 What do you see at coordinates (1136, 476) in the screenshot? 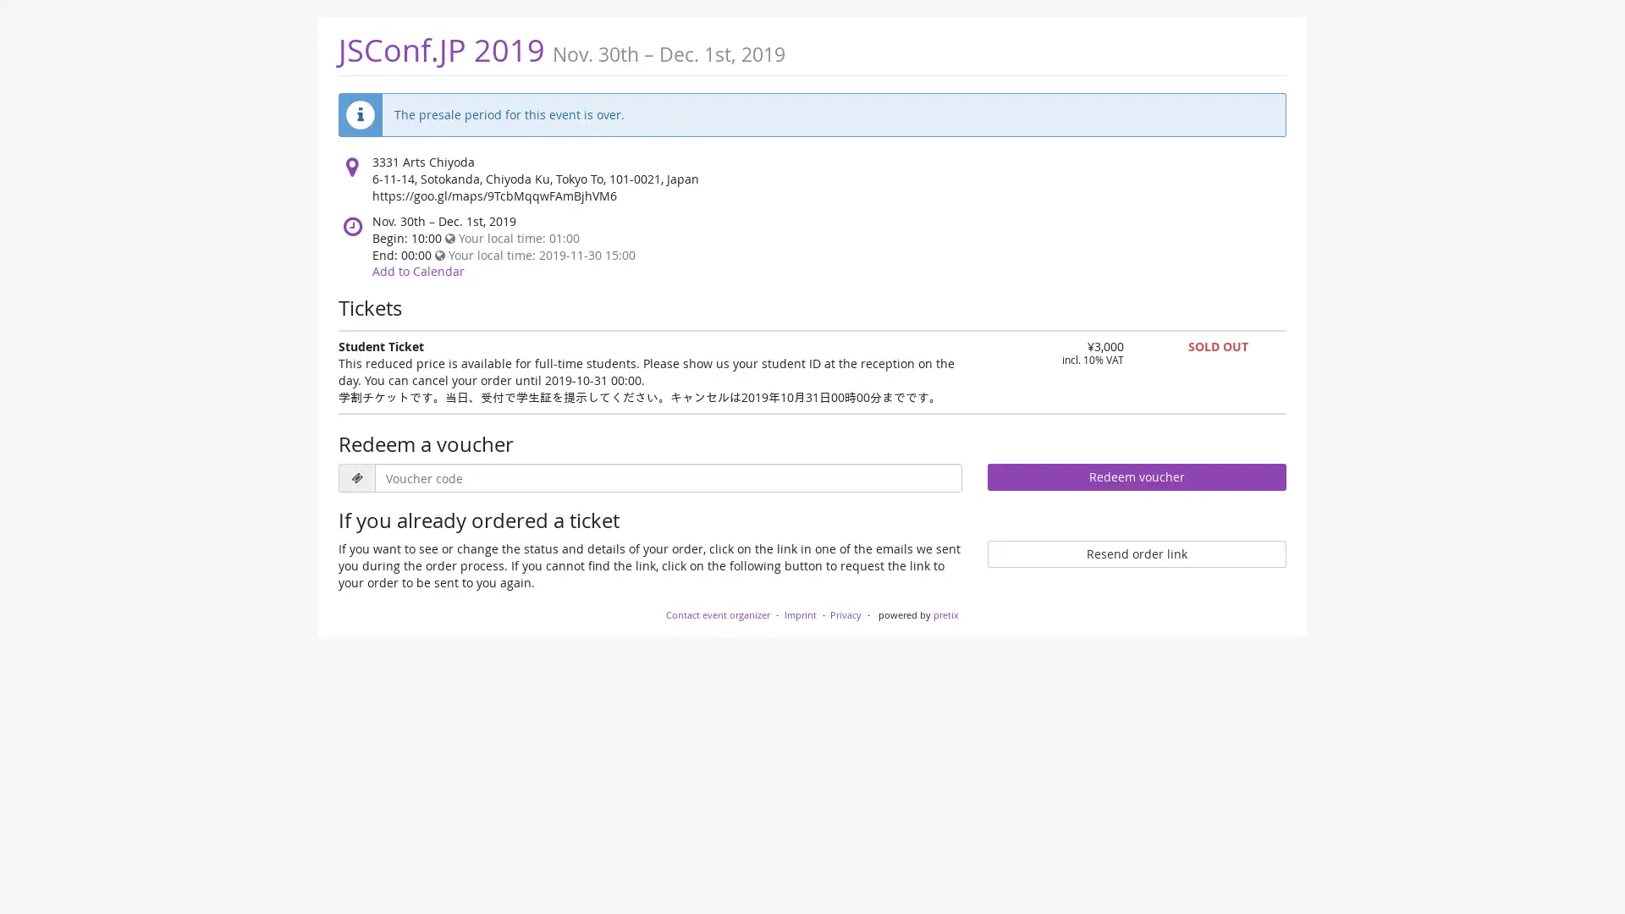
I see `Redeem voucher` at bounding box center [1136, 476].